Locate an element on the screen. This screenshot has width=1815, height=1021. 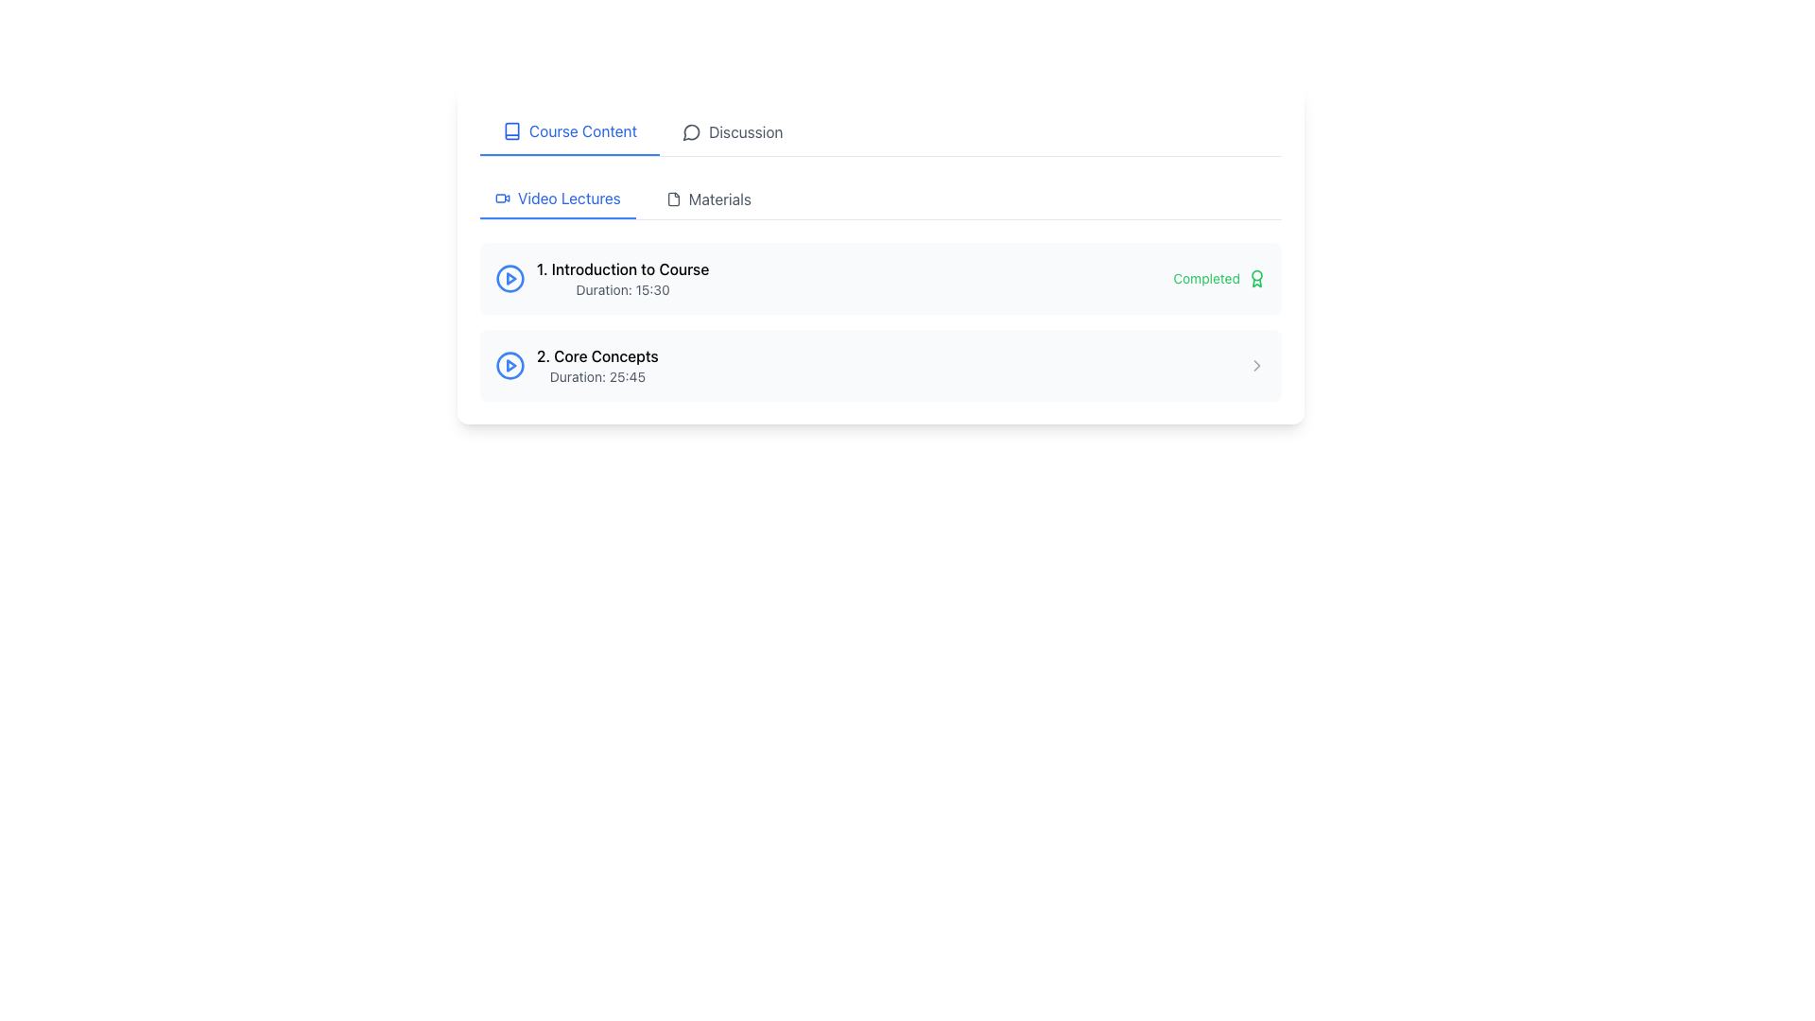
the green award or badge icon located to the right of the 'Completed' text label is located at coordinates (1256, 278).